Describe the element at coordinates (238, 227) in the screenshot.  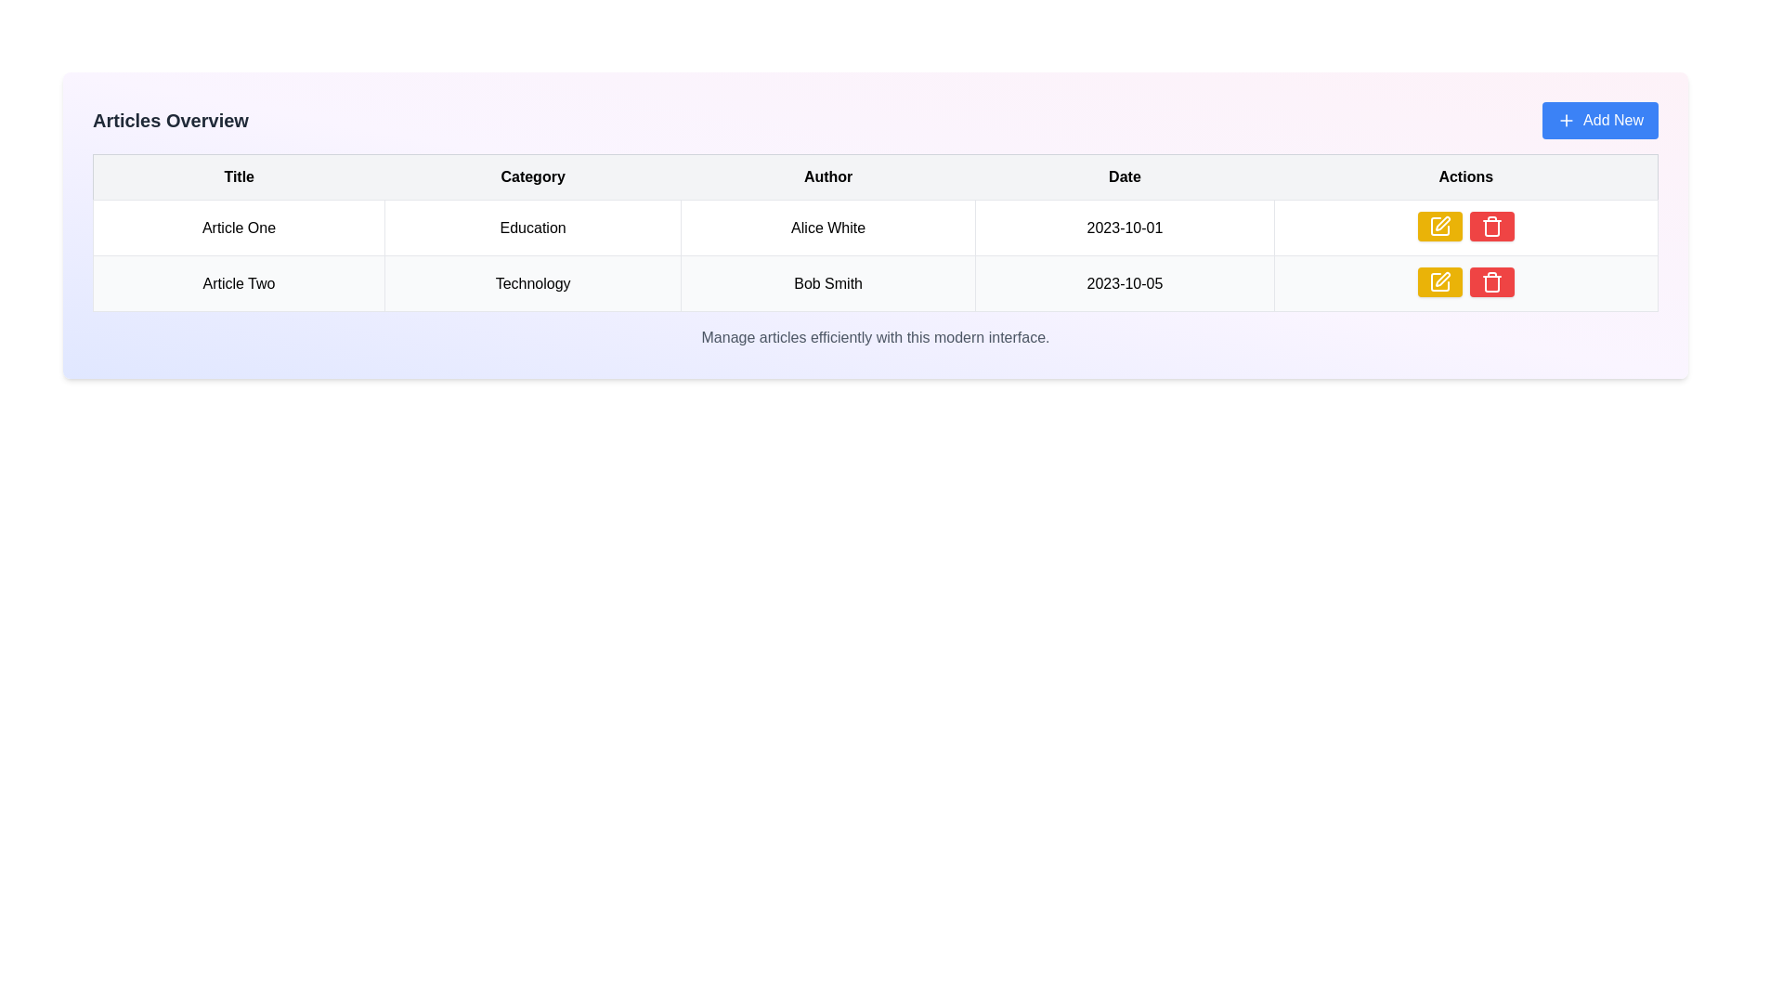
I see `the static text label displaying 'Article One', which is the first column entry under 'Title' in the table's first row` at that location.